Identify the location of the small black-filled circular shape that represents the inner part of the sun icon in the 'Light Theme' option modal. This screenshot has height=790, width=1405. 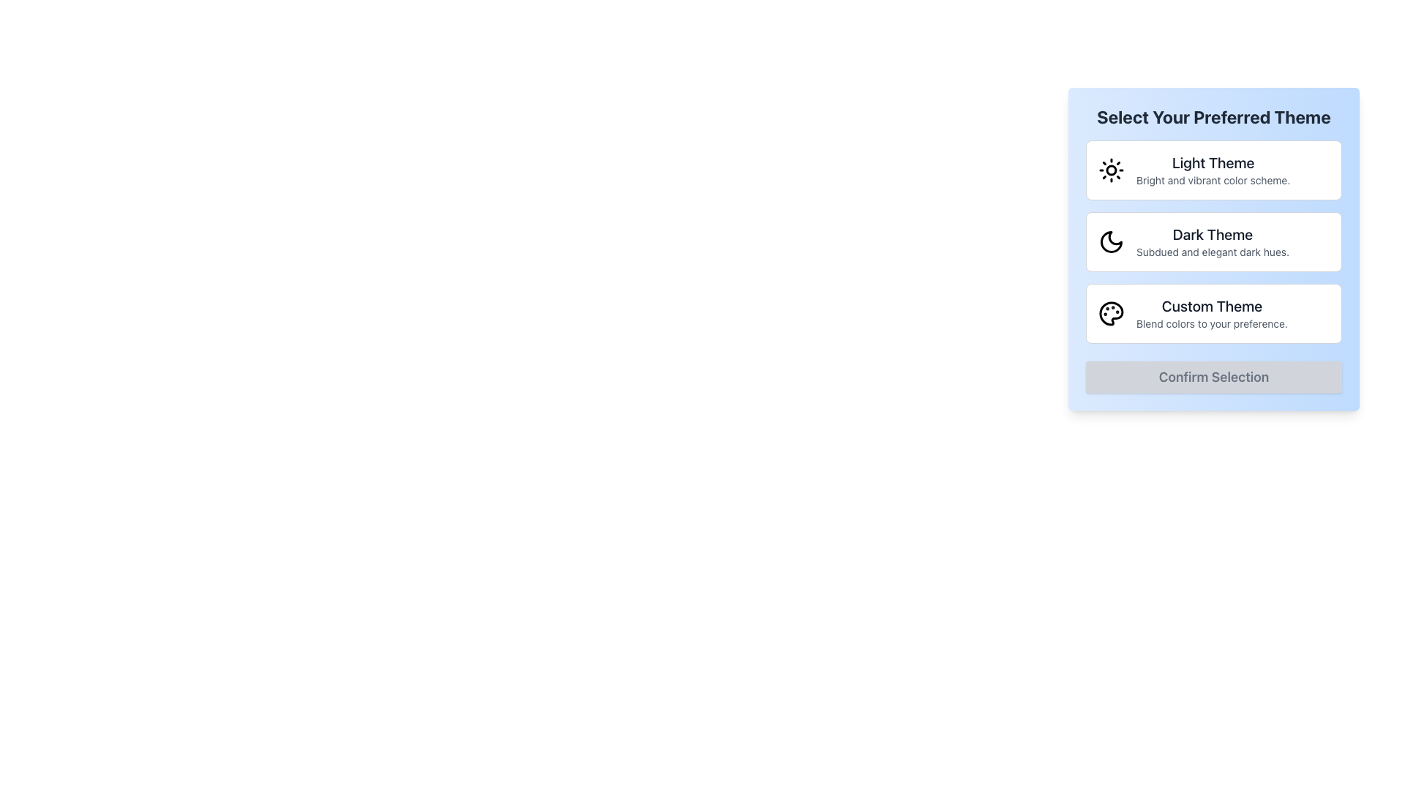
(1111, 169).